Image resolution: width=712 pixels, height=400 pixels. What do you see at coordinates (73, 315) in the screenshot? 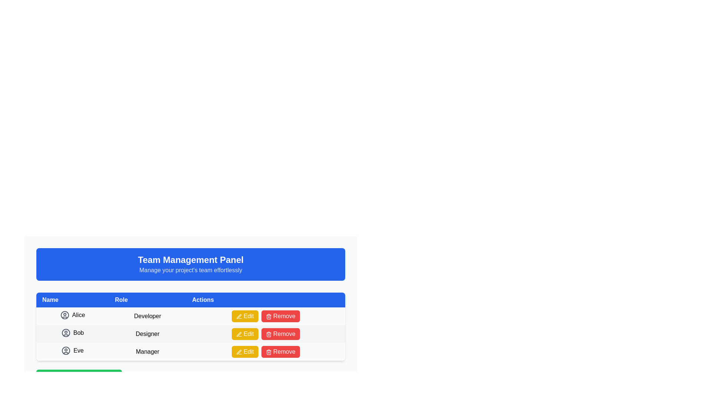
I see `the Inline-flex element displaying user information for 'Alice', which contains the user profile icon and text` at bounding box center [73, 315].